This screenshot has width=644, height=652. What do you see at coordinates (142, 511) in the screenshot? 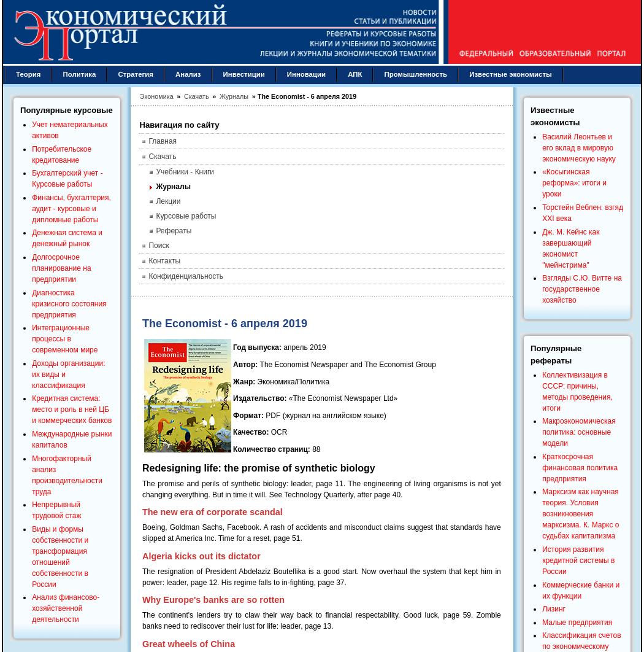
I see `'The new era of corporate scandal'` at bounding box center [142, 511].